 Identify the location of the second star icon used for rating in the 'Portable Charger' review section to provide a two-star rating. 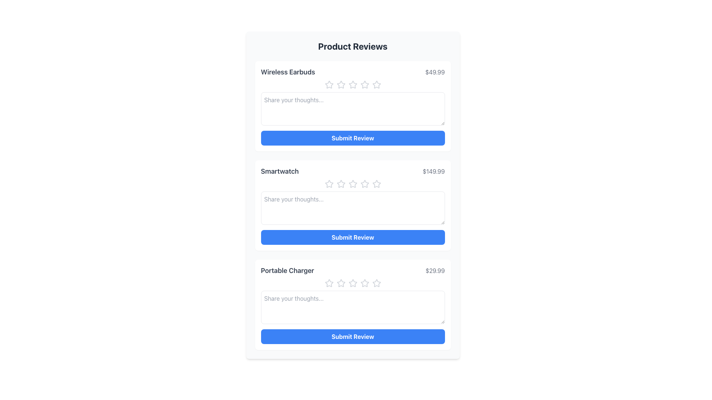
(340, 283).